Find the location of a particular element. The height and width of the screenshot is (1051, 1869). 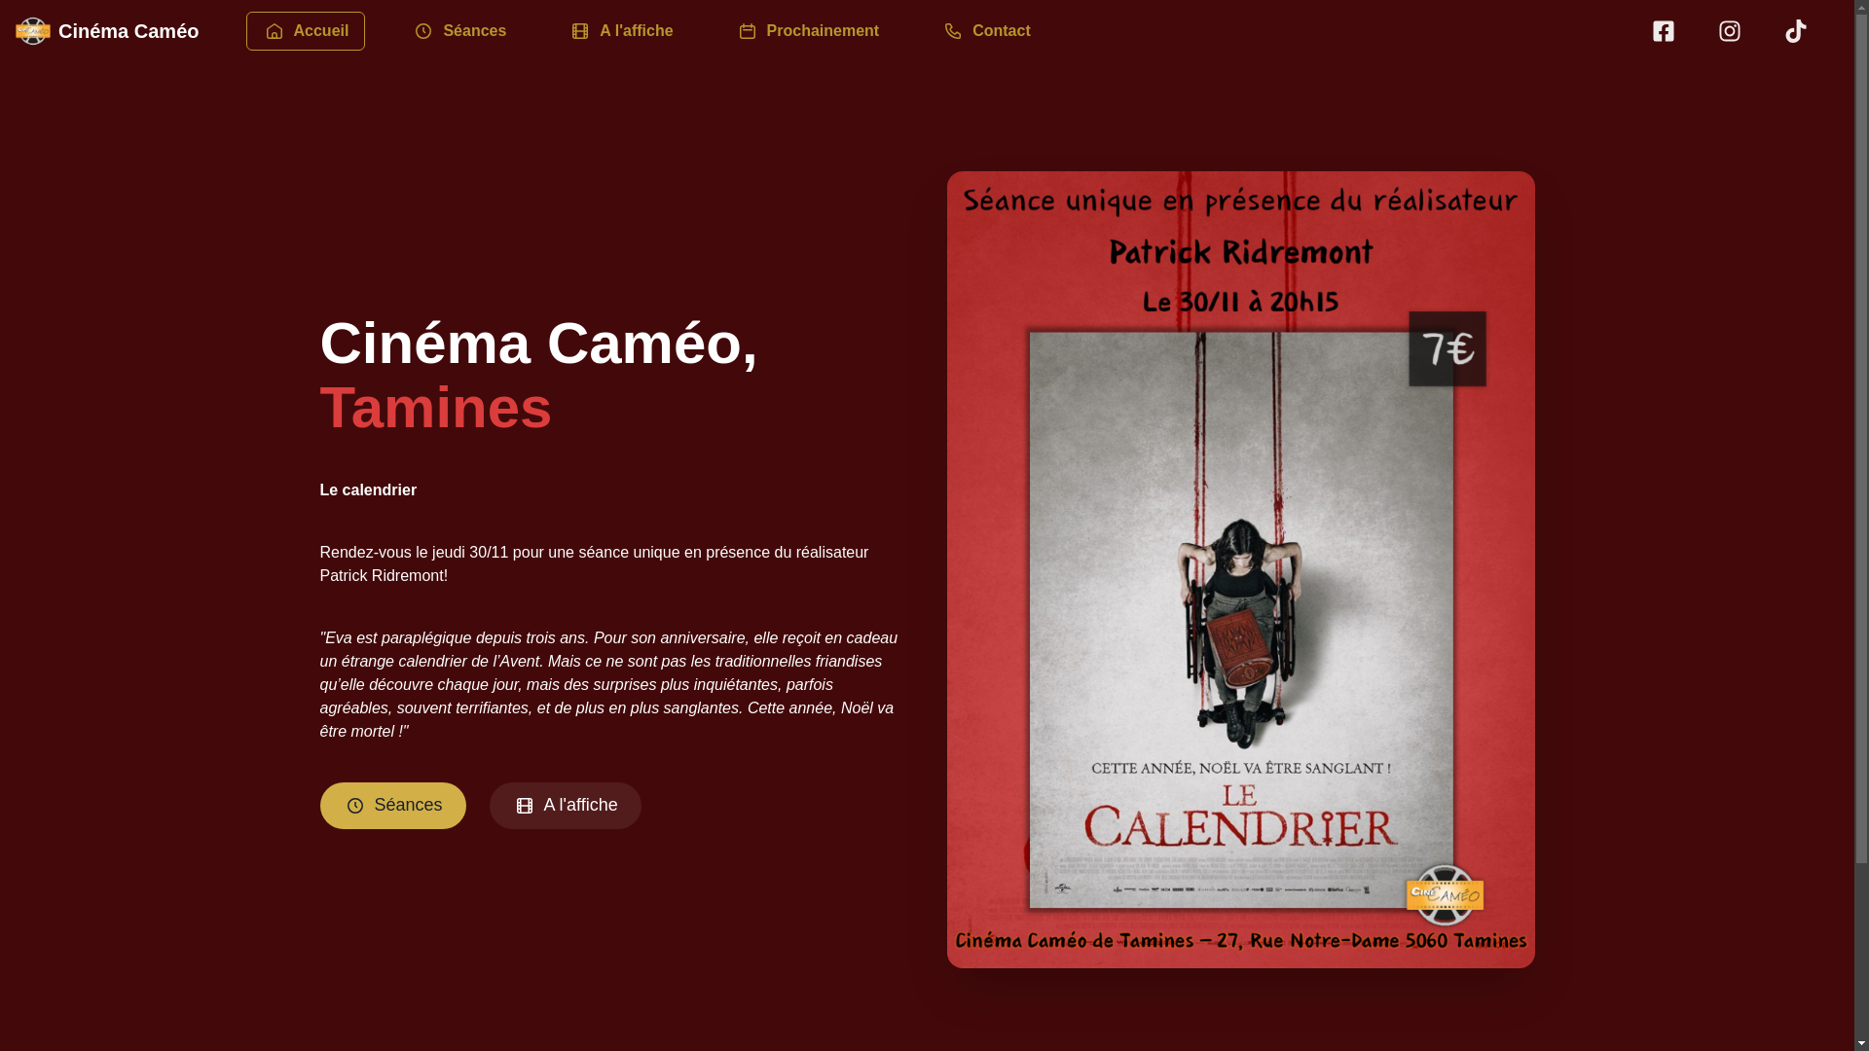

'Prochainement' is located at coordinates (808, 29).